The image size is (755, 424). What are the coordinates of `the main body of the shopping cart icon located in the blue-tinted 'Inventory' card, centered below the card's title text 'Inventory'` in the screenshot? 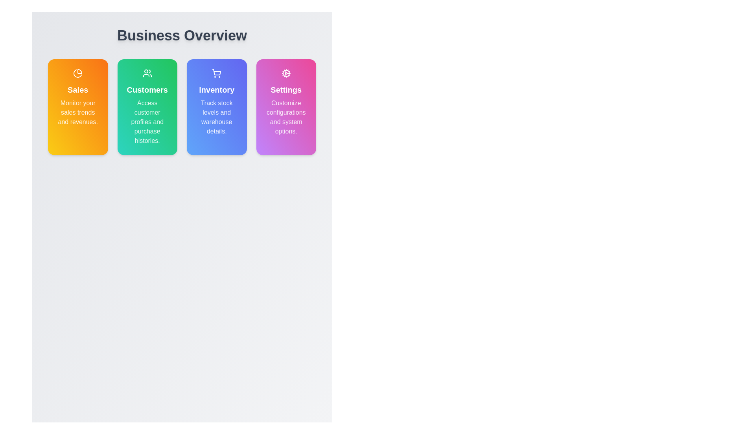 It's located at (217, 72).